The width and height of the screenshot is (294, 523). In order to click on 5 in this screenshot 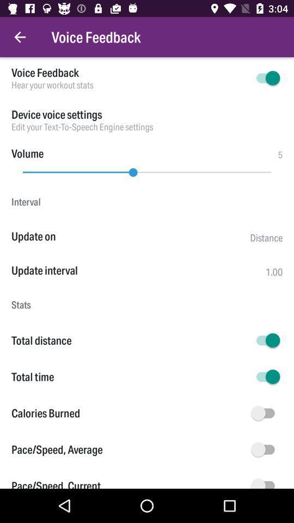, I will do `click(280, 154)`.